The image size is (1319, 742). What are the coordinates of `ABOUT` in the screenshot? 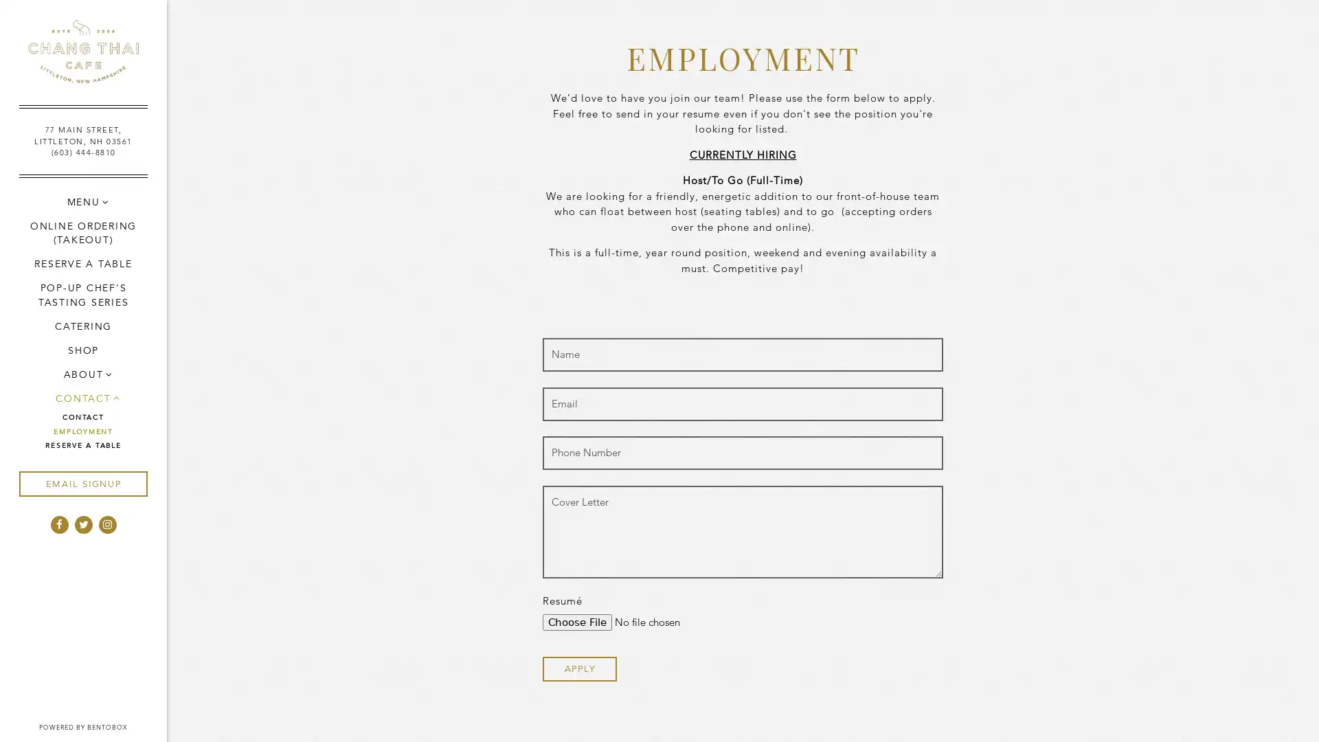 It's located at (82, 374).